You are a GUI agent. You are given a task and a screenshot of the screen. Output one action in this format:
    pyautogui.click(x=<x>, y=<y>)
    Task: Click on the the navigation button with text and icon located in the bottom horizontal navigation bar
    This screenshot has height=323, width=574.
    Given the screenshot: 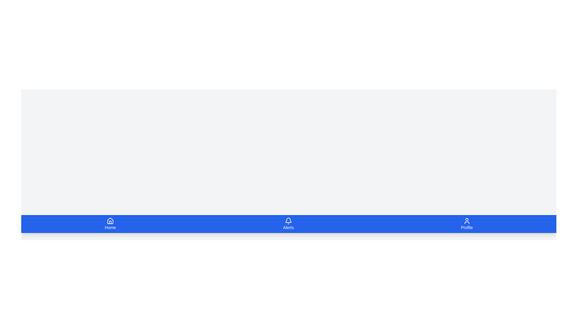 What is the action you would take?
    pyautogui.click(x=288, y=224)
    